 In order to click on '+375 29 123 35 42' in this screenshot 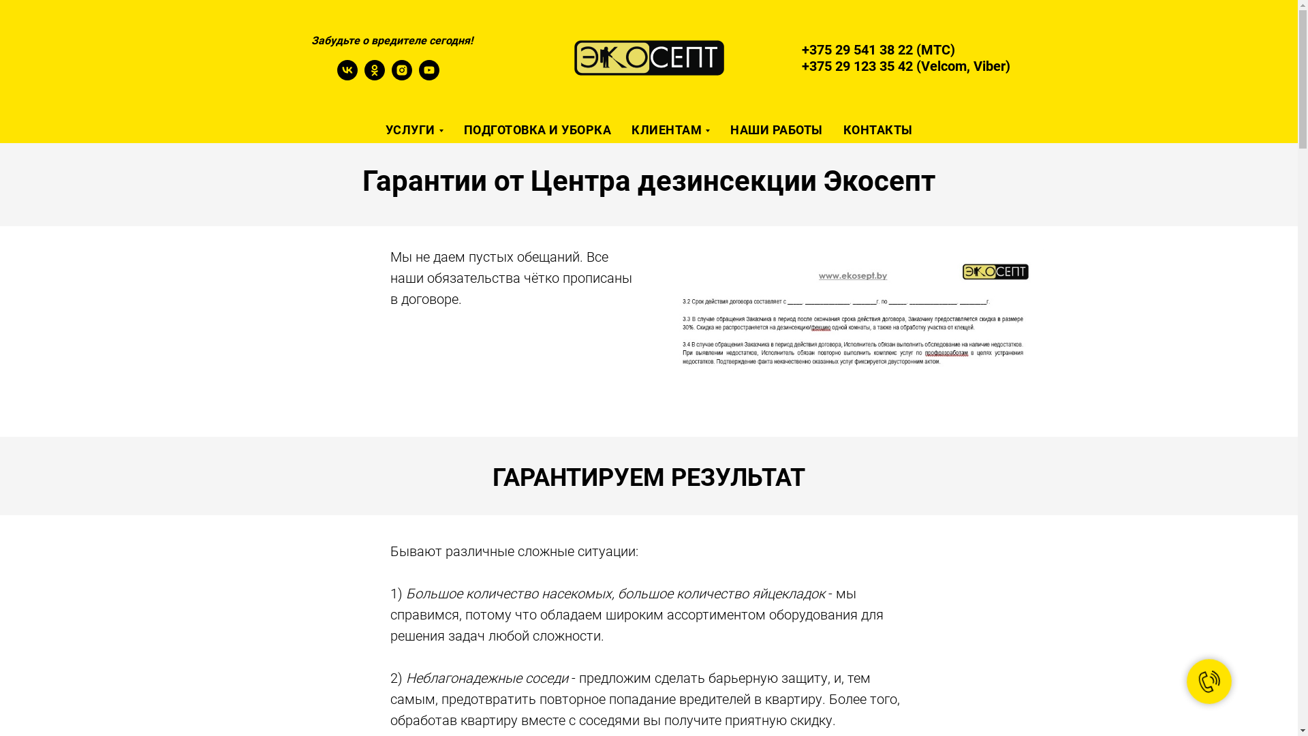, I will do `click(801, 65)`.